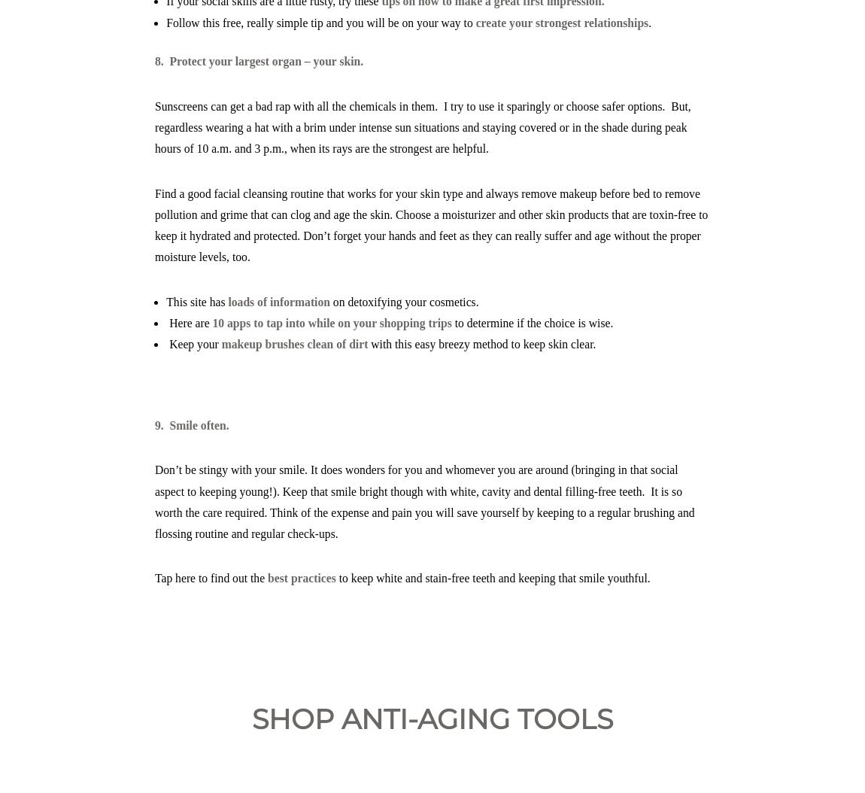  I want to click on 'loads of information', so click(278, 300).